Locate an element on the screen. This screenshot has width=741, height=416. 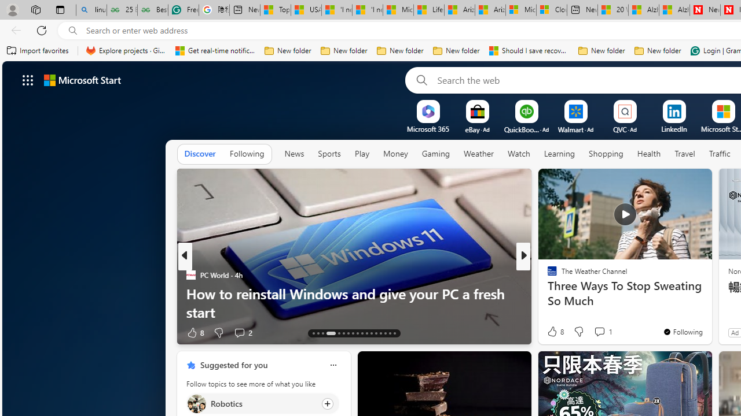
'AutomationID: tab-17' is located at coordinates (338, 333).